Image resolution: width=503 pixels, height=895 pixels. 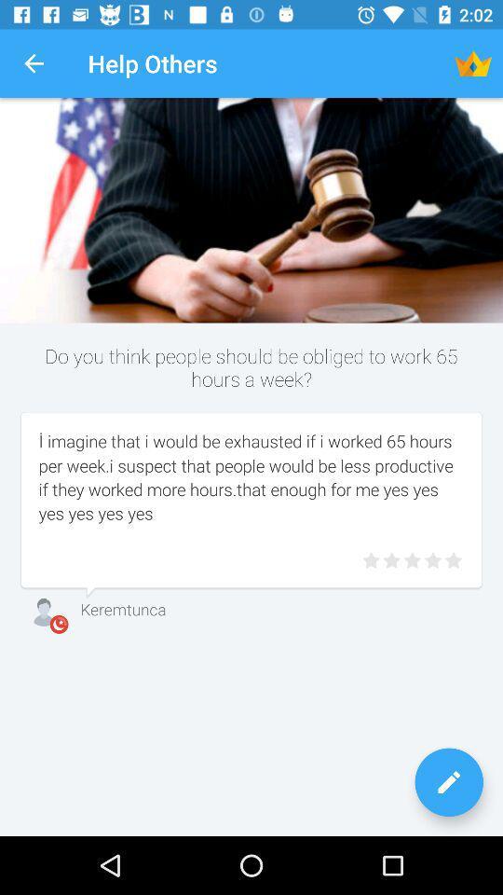 What do you see at coordinates (34, 63) in the screenshot?
I see `the app to the left of the help others` at bounding box center [34, 63].